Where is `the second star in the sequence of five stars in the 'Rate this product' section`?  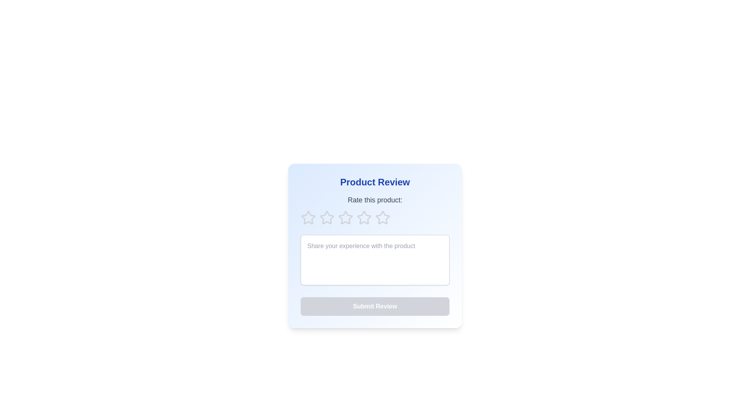 the second star in the sequence of five stars in the 'Rate this product' section is located at coordinates (345, 218).